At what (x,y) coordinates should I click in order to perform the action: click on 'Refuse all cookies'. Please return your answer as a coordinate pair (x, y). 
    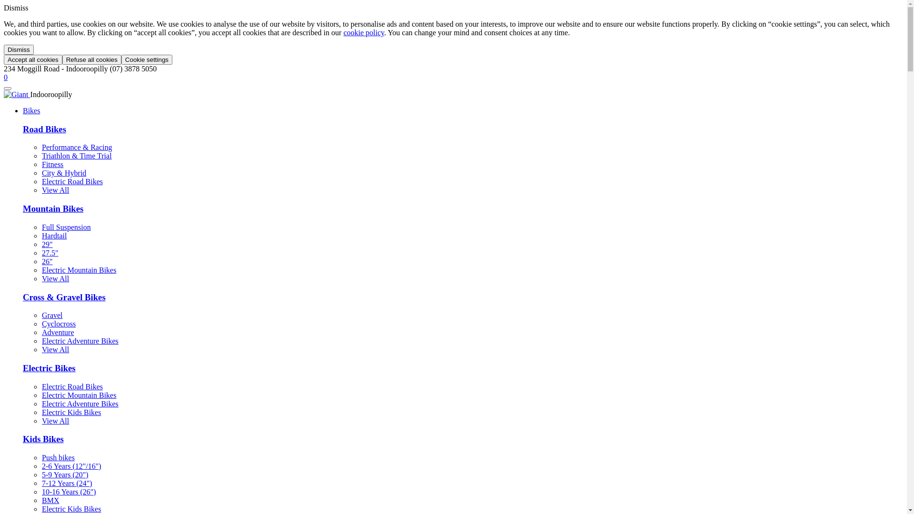
    Looking at the image, I should click on (91, 59).